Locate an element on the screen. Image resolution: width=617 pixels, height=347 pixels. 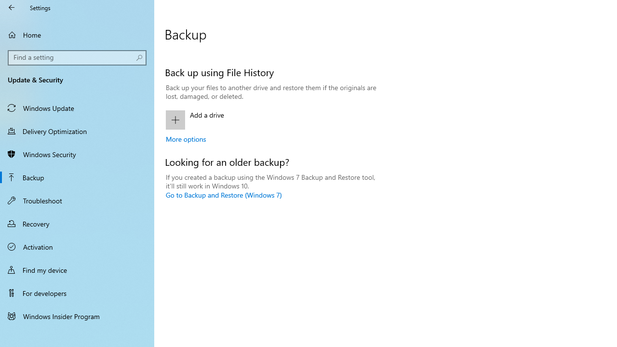
'Recovery' is located at coordinates (77, 224).